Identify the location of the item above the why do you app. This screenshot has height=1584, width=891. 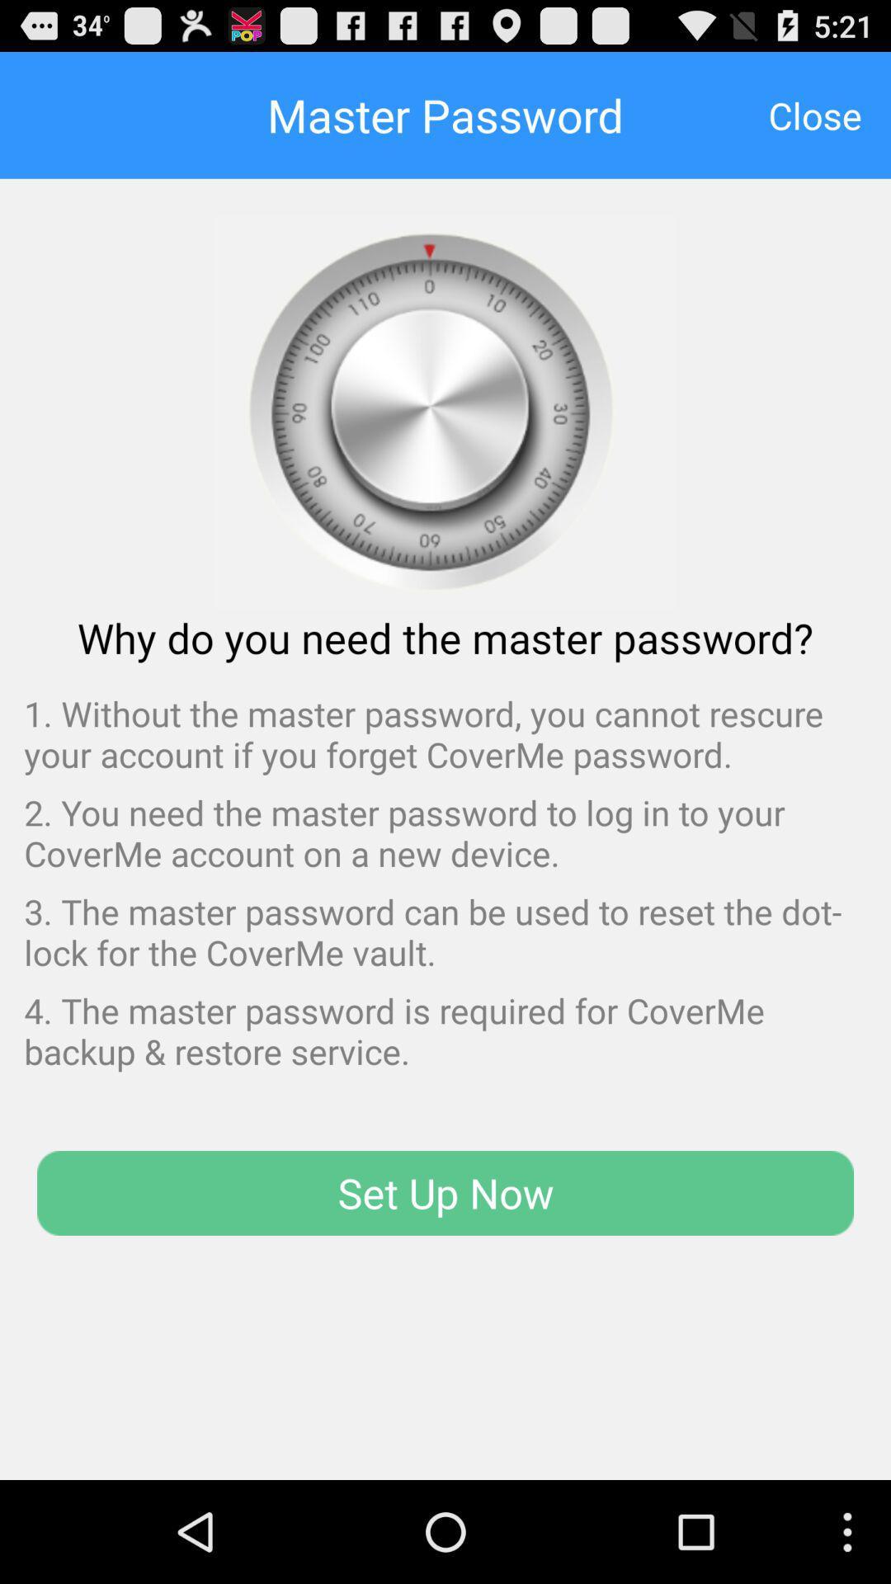
(814, 114).